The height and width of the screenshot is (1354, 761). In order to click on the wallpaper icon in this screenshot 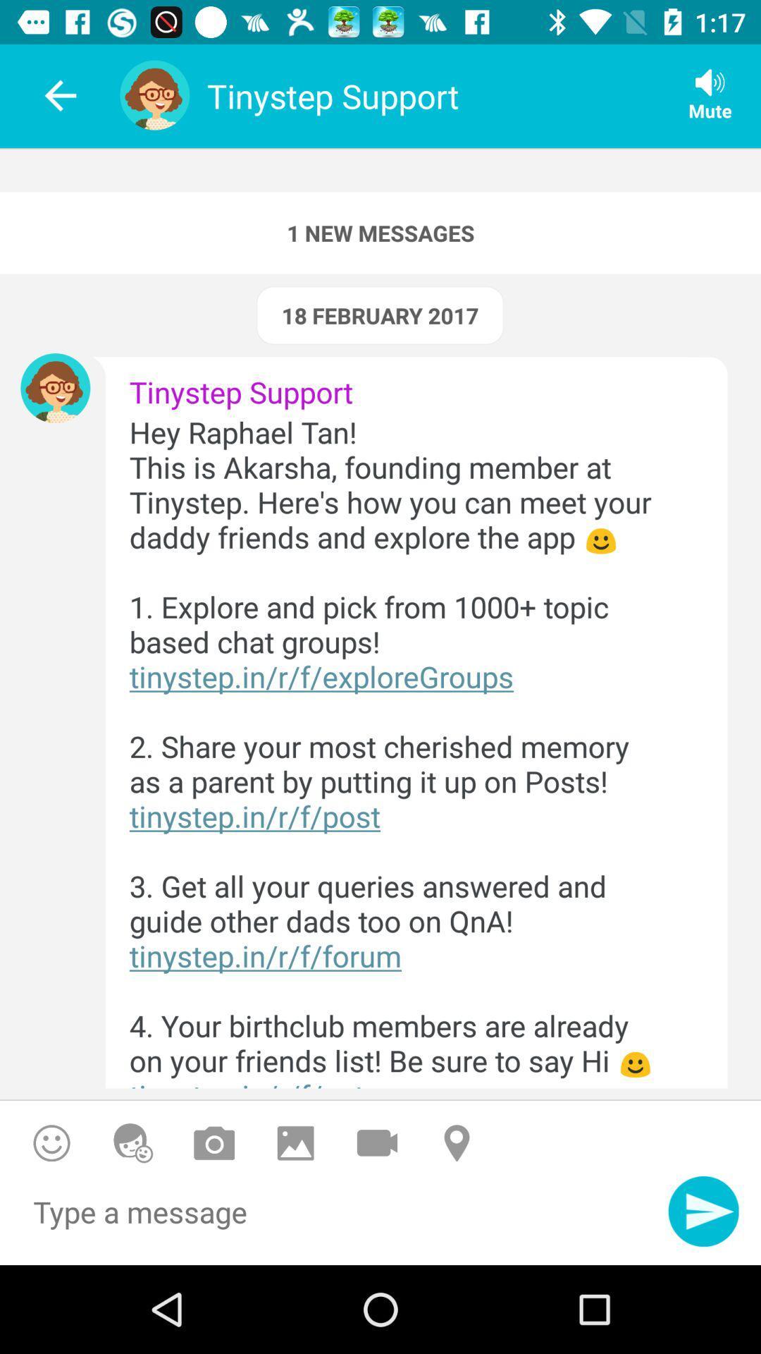, I will do `click(295, 1143)`.